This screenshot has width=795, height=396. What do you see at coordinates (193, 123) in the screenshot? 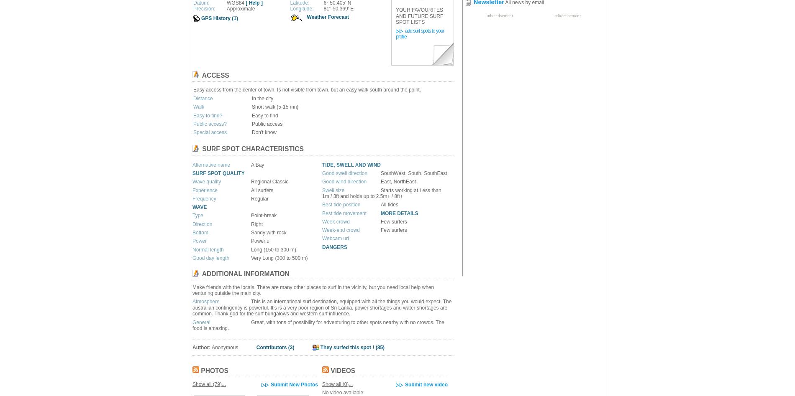
I see `'Public access?'` at bounding box center [193, 123].